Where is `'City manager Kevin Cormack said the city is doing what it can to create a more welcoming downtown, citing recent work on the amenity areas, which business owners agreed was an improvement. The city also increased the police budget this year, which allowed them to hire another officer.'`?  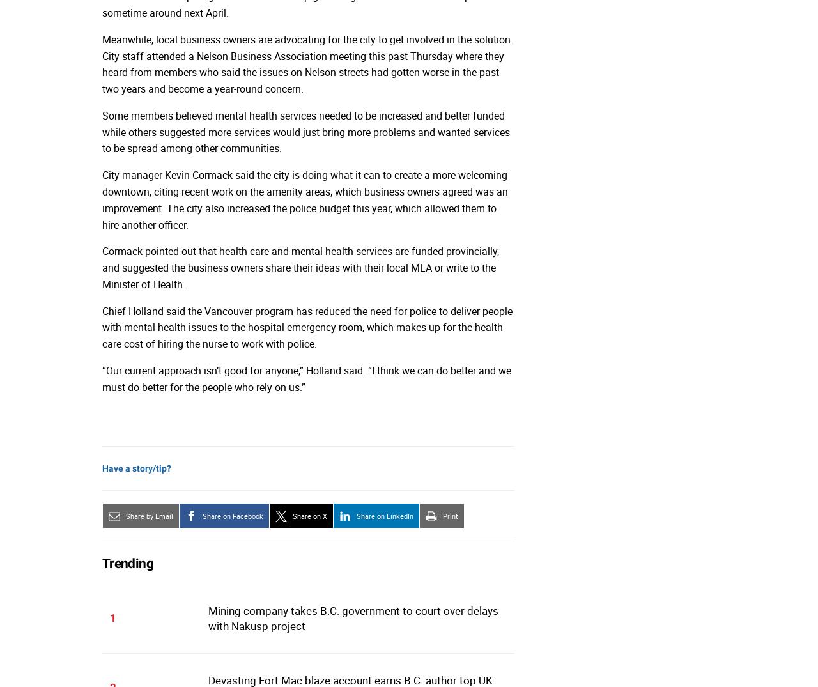 'City manager Kevin Cormack said the city is doing what it can to create a more welcoming downtown, citing recent work on the amenity areas, which business owners agreed was an improvement. The city also increased the police budget this year, which allowed them to hire another officer.' is located at coordinates (304, 199).